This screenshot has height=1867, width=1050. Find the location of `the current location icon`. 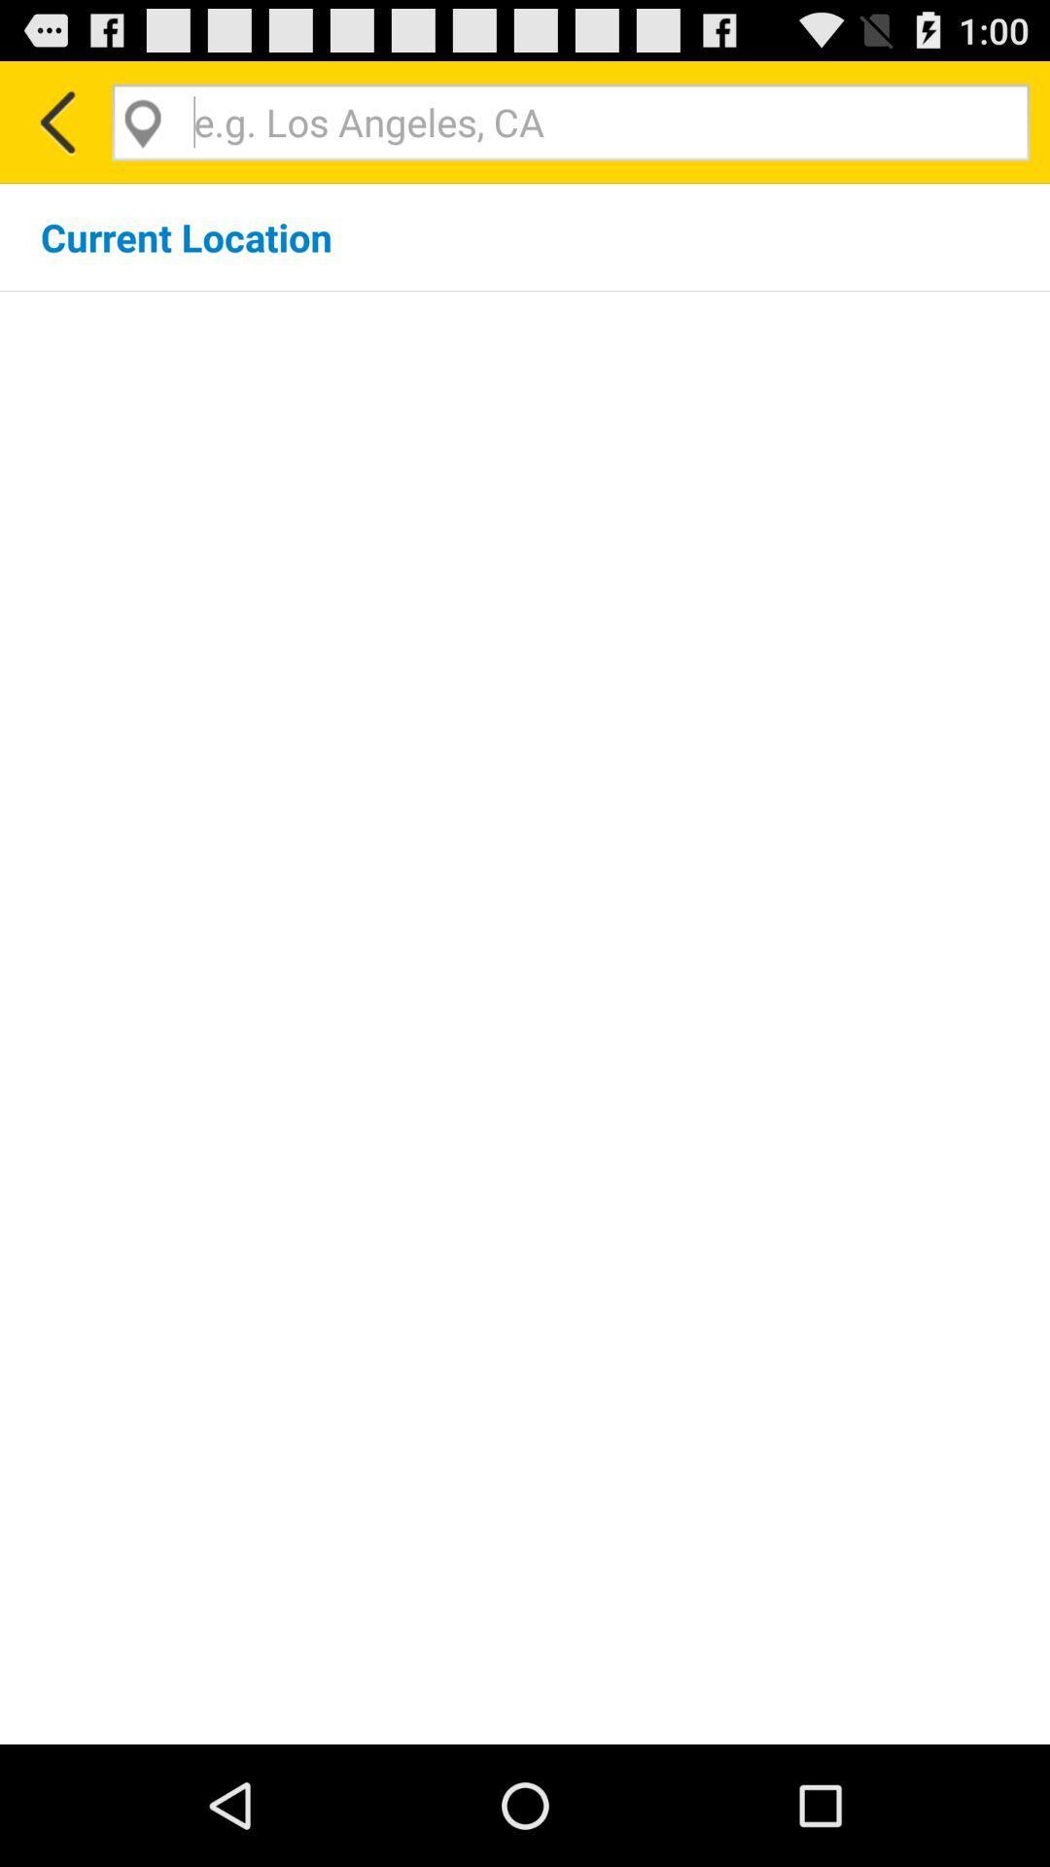

the current location icon is located at coordinates (187, 236).